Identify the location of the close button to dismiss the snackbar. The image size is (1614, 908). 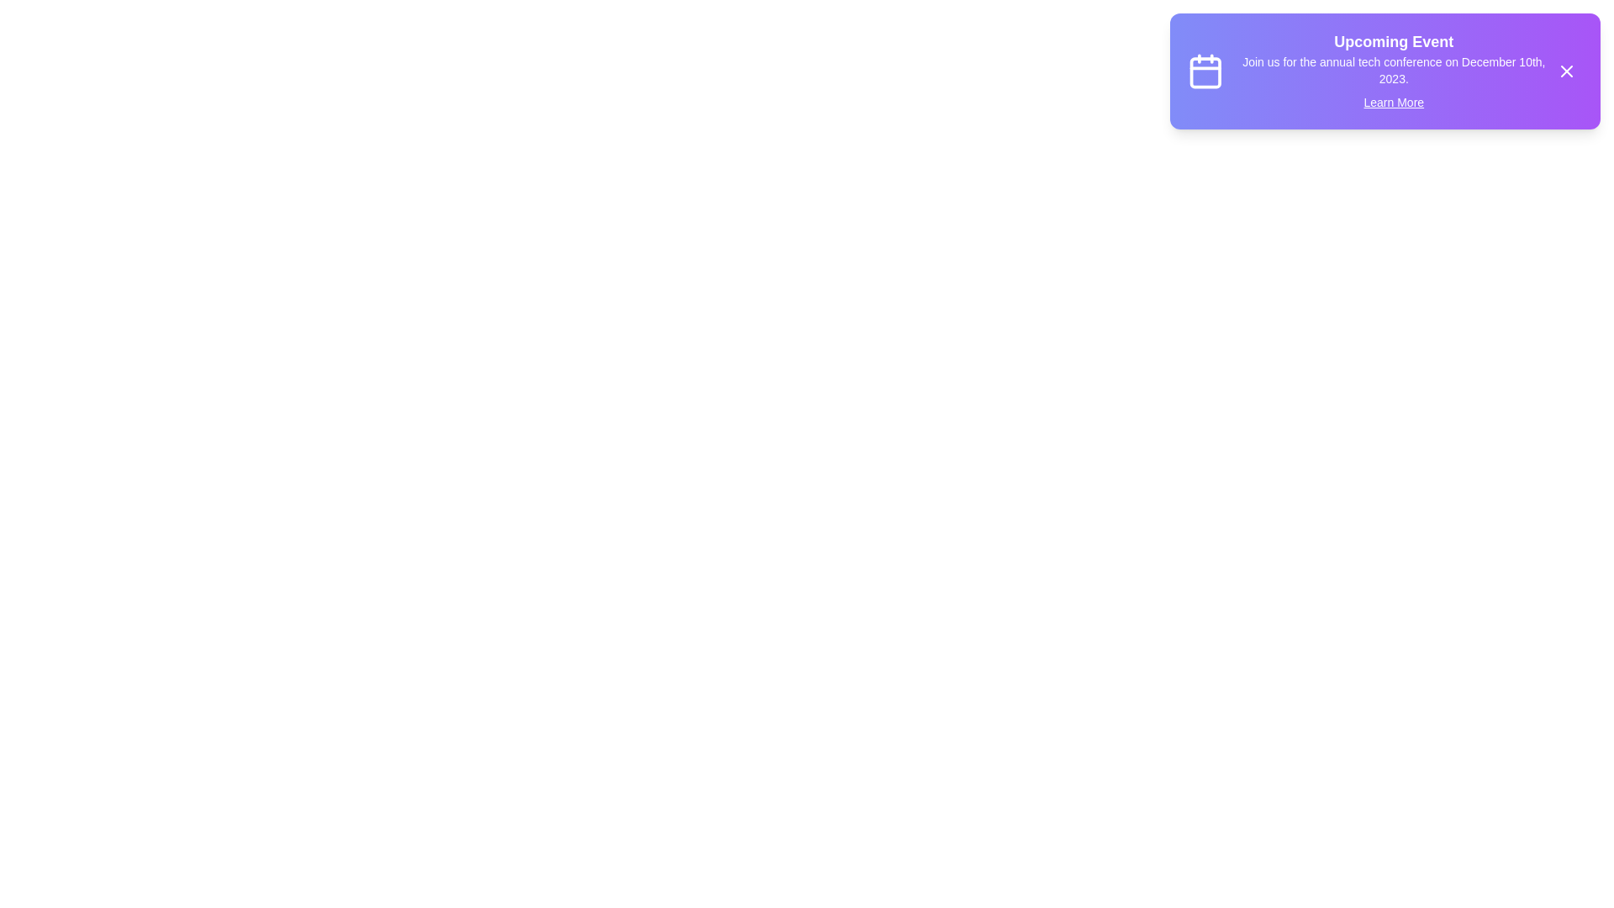
(1565, 70).